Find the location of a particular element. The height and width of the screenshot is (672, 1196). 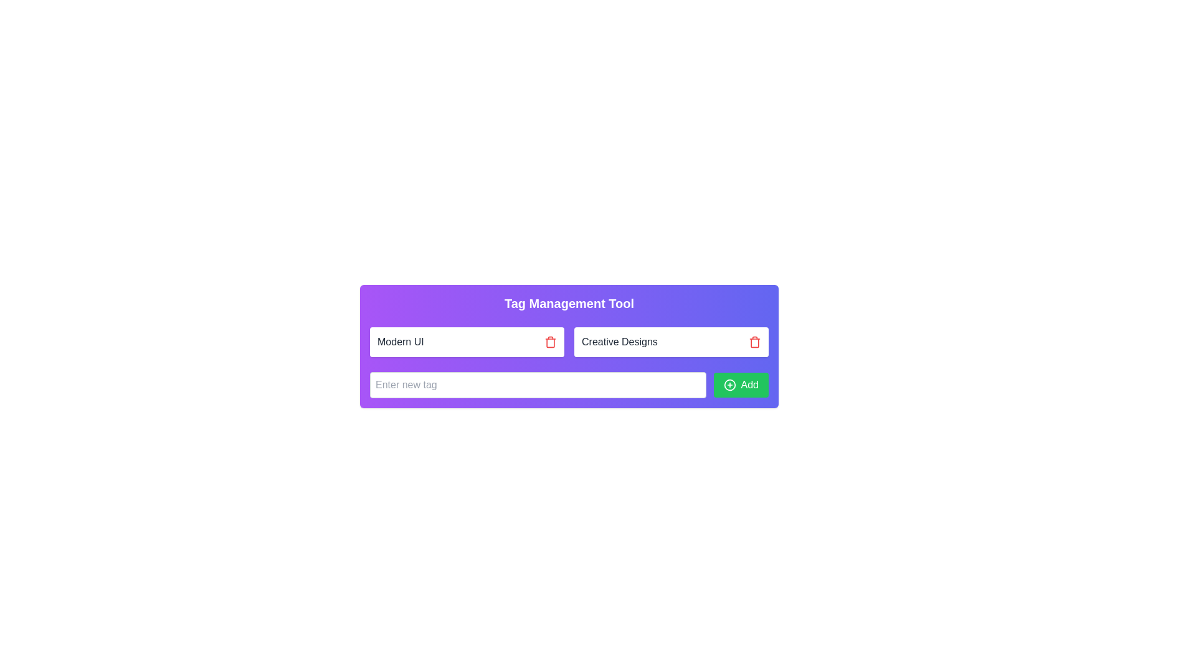

the design of the 'Add' icon located on the left side of the text 'Add' is located at coordinates (729, 384).